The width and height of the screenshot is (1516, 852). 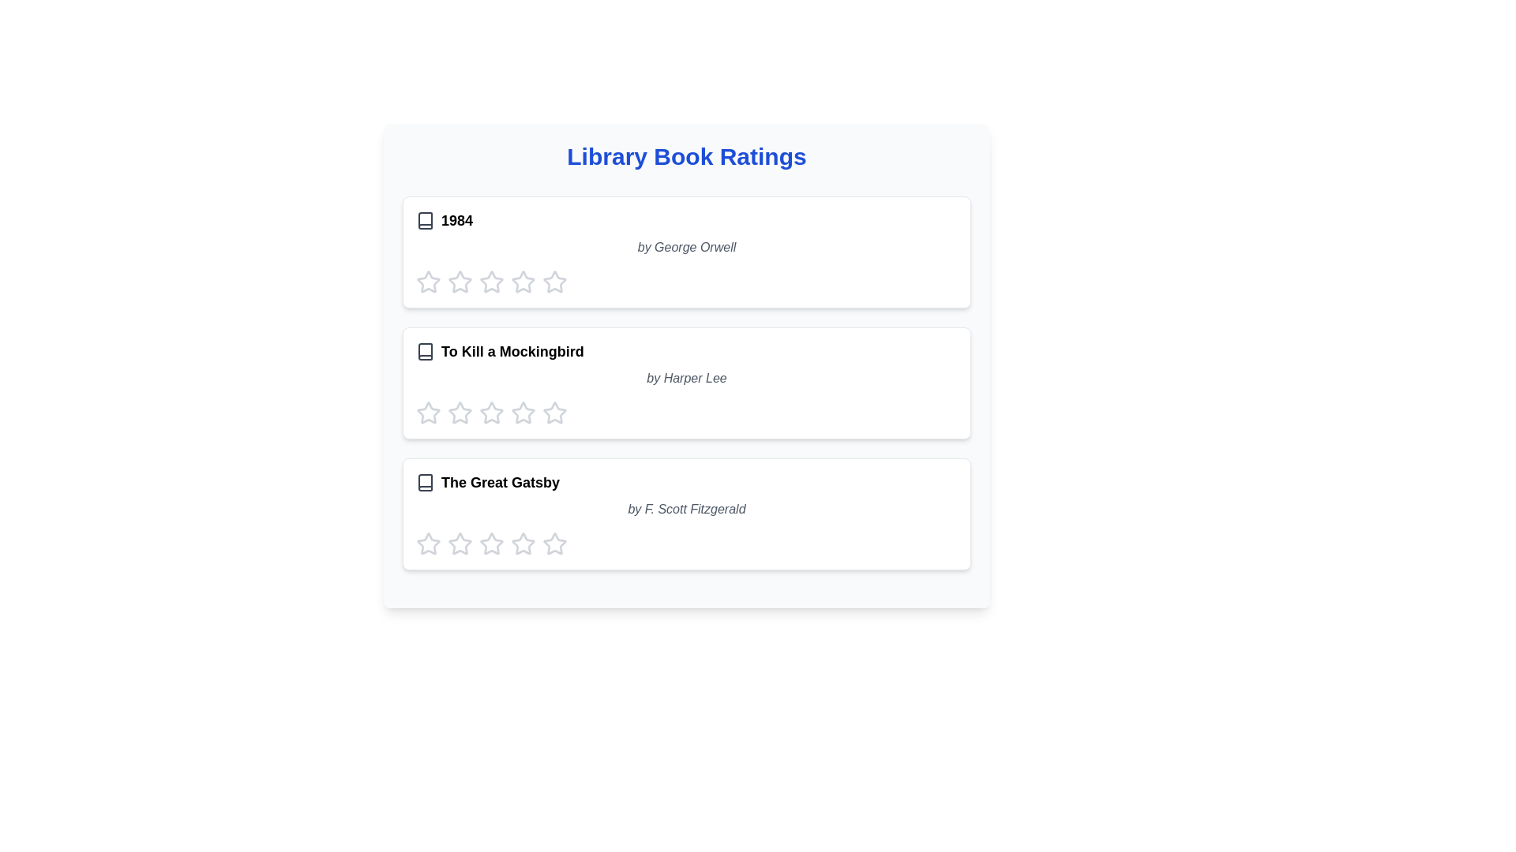 What do you see at coordinates (554, 282) in the screenshot?
I see `the fourth star-shaped icon button in the rating section of the '1984' book entry` at bounding box center [554, 282].